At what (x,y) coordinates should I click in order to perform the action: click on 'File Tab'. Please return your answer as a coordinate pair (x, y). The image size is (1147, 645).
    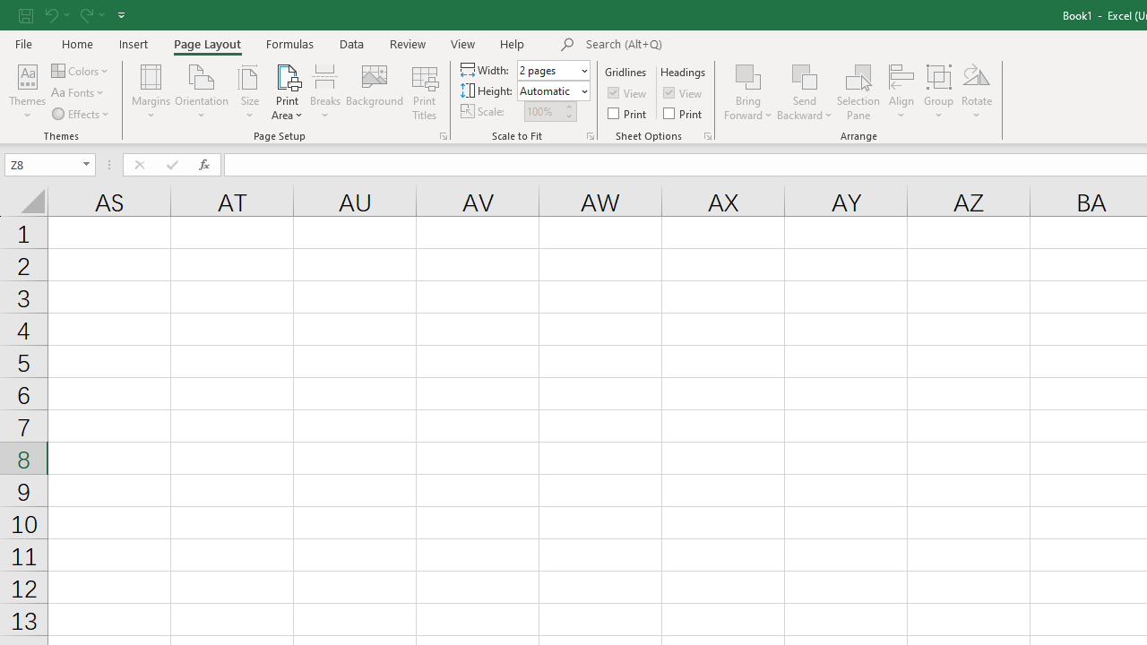
    Looking at the image, I should click on (23, 42).